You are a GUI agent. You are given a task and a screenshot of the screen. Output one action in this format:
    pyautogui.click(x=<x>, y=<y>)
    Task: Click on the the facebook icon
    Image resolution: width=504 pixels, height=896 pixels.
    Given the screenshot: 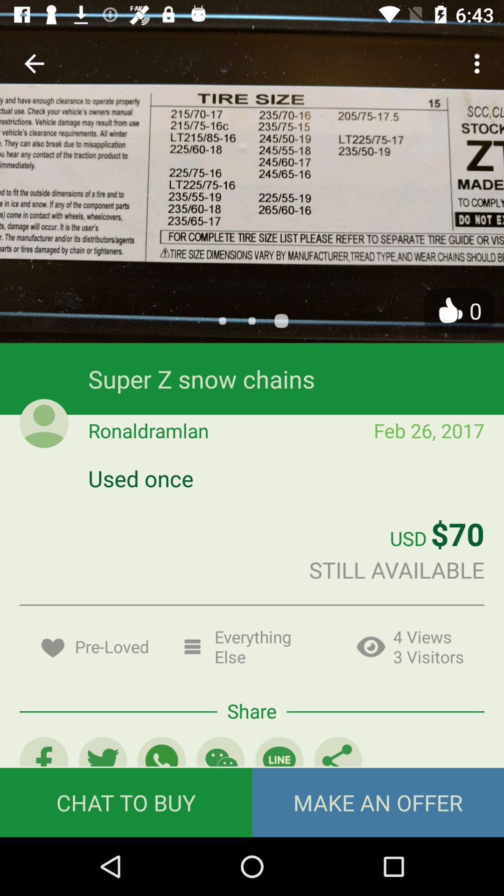 What is the action you would take?
    pyautogui.click(x=44, y=749)
    